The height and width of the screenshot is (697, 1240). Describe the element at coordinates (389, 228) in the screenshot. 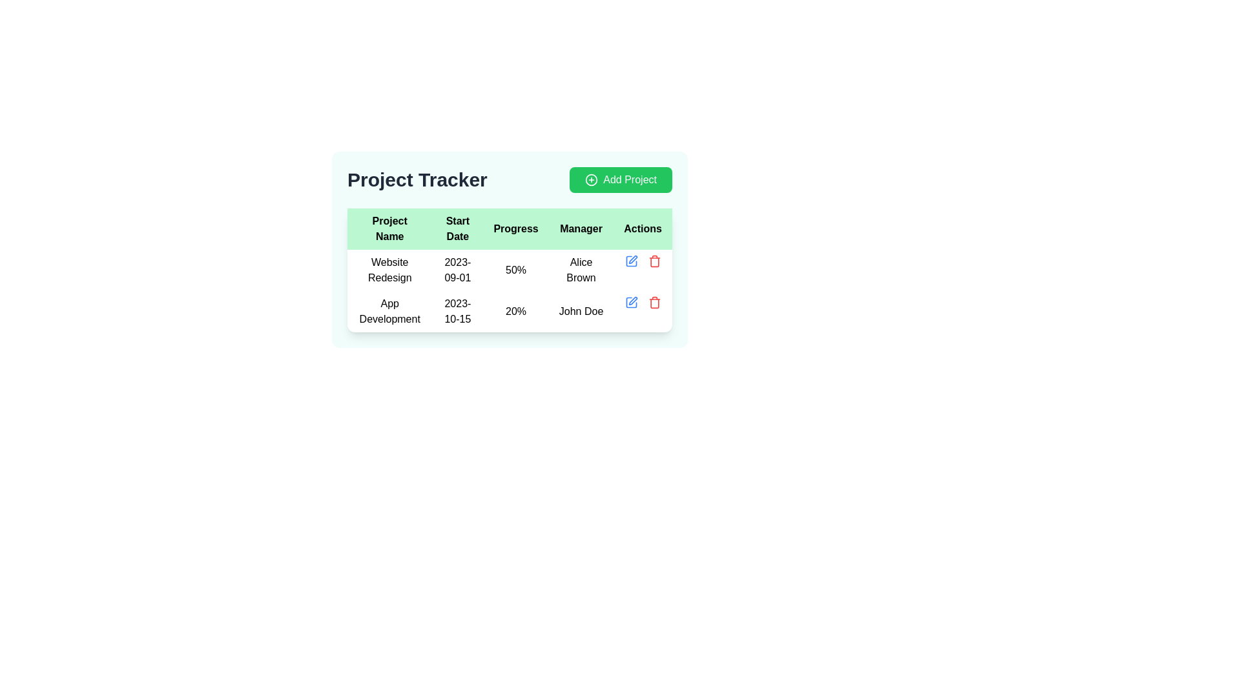

I see `the bold, two-line textual label reading 'Project Name' located in the first column of the tabular layout header row` at that location.